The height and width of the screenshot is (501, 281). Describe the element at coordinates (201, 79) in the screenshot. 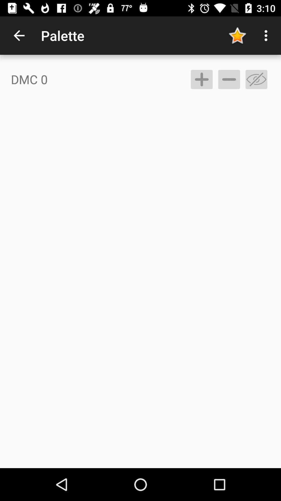

I see `new` at that location.